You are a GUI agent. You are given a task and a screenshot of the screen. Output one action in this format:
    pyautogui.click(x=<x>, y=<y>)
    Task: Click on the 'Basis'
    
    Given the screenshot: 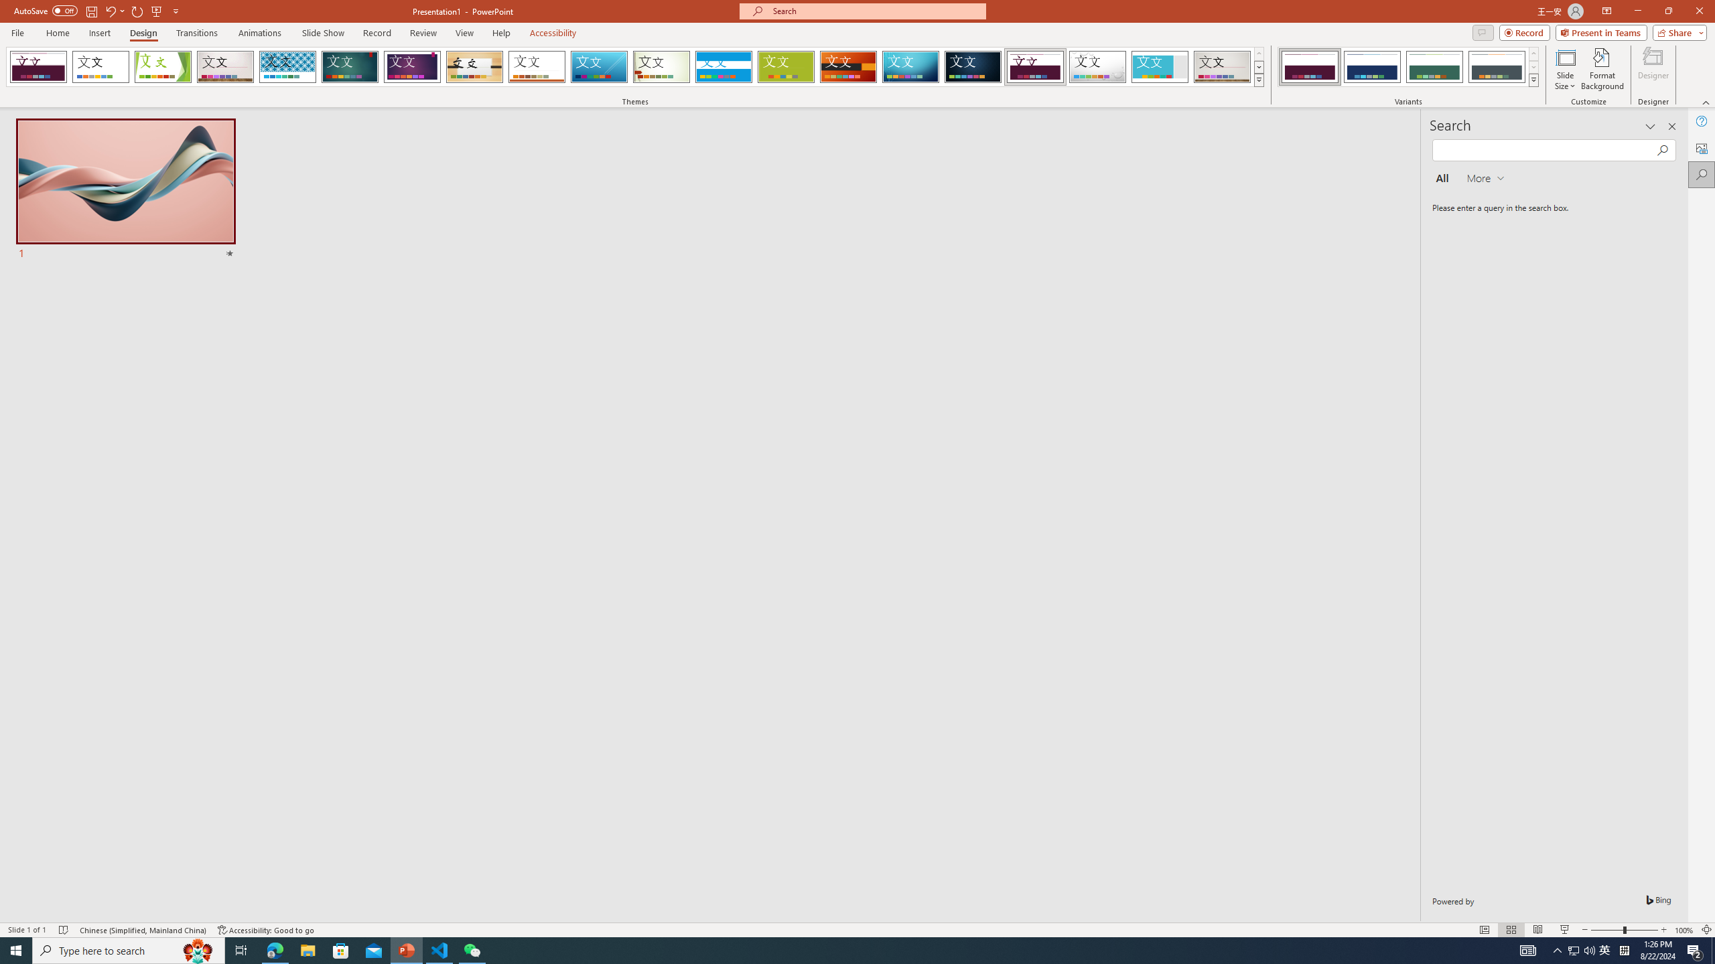 What is the action you would take?
    pyautogui.click(x=786, y=66)
    